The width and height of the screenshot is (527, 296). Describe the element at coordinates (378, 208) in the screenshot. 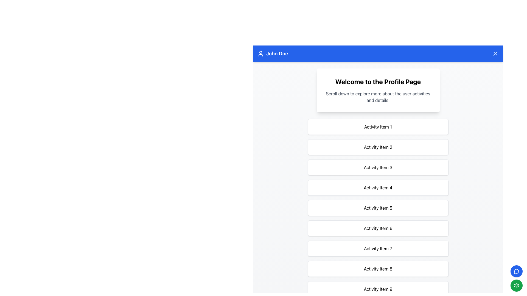

I see `the rectangular button-like component labeled 'Activity Item 5'` at that location.